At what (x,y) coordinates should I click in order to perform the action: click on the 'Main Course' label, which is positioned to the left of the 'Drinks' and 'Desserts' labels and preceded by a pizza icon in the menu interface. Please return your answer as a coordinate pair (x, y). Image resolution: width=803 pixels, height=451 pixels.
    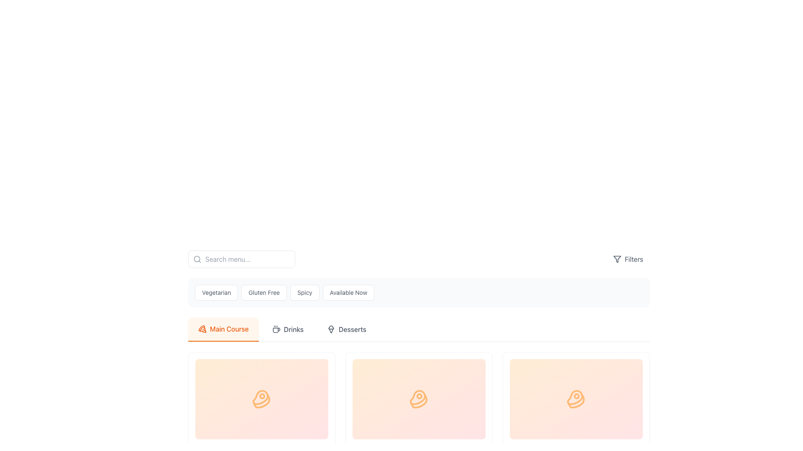
    Looking at the image, I should click on (229, 328).